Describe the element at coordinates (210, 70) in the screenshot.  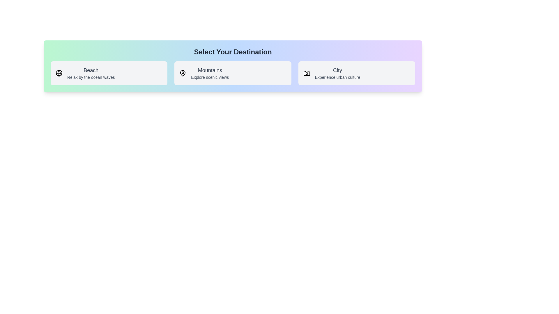
I see `the text label indicating the destination category 'Mountains' located in the second card under the 'Select Your Destination' section` at that location.